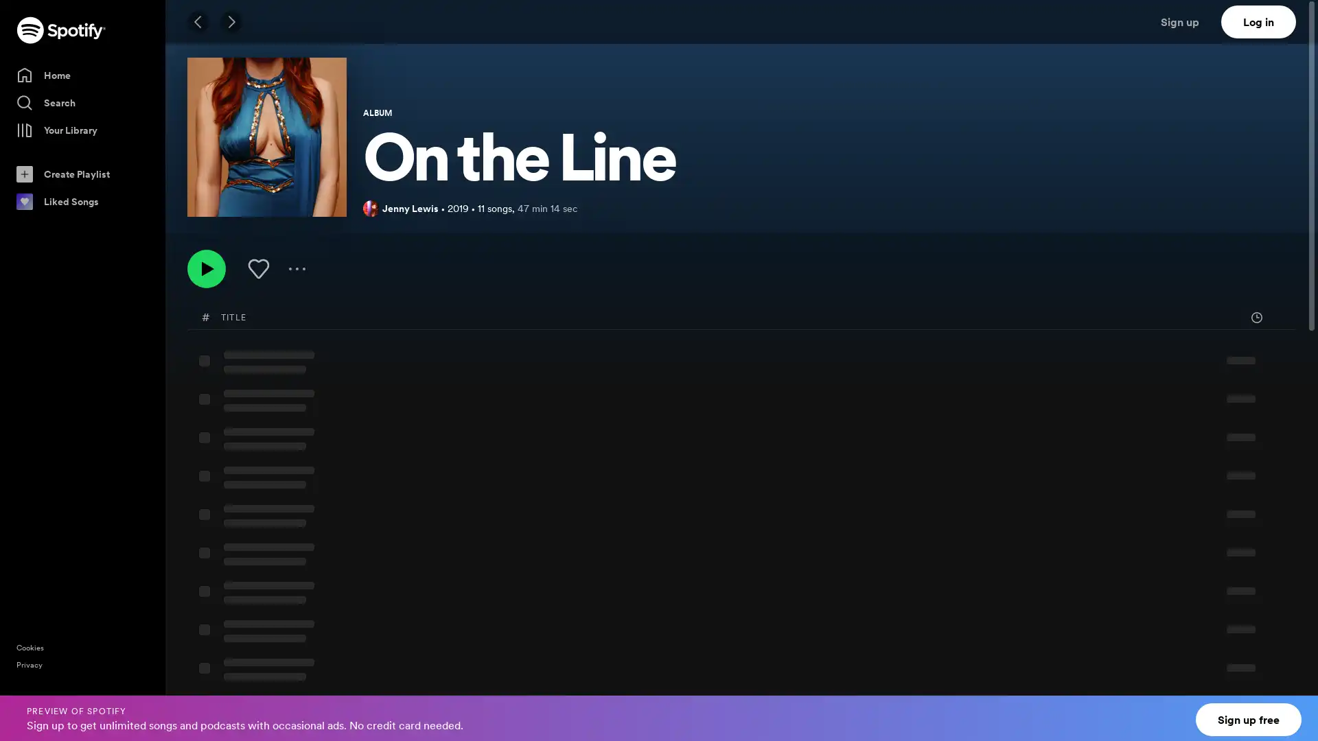 Image resolution: width=1318 pixels, height=741 pixels. Describe the element at coordinates (204, 514) in the screenshot. I see `Play Do Si Do by Jenny Lewis` at that location.